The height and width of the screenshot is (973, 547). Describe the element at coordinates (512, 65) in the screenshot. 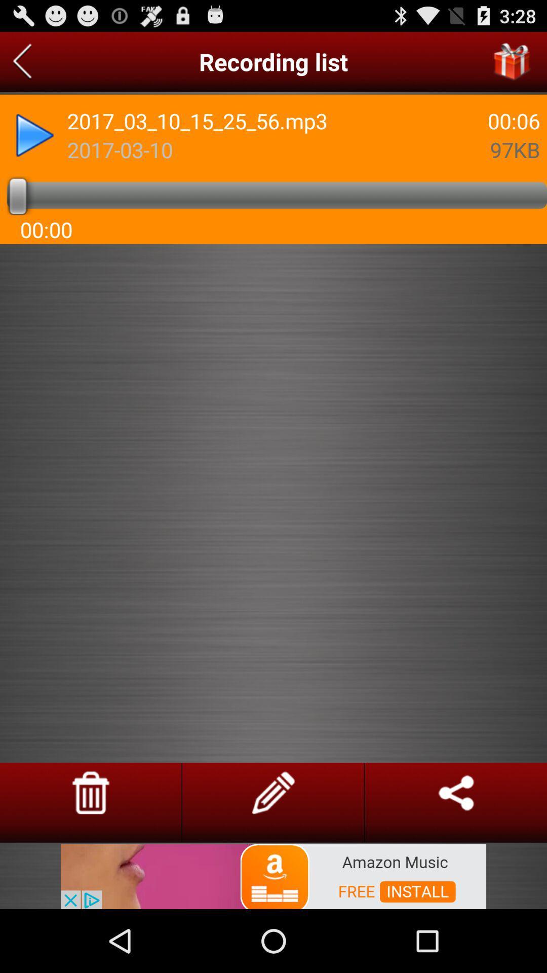

I see `the gift icon` at that location.